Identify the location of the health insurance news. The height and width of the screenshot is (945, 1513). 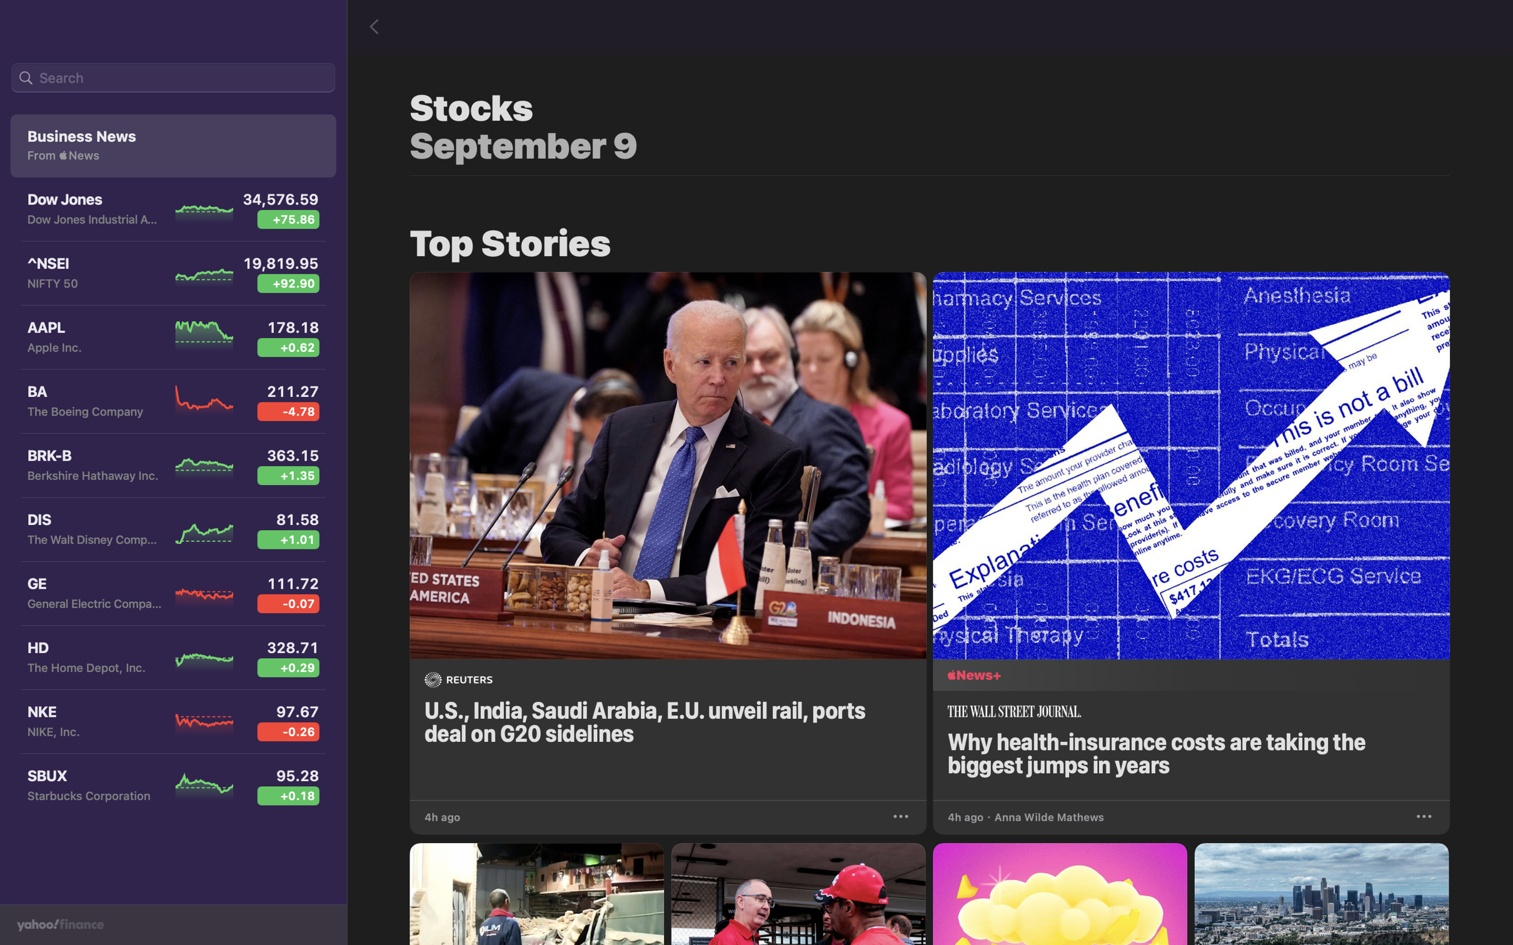
(1195, 532).